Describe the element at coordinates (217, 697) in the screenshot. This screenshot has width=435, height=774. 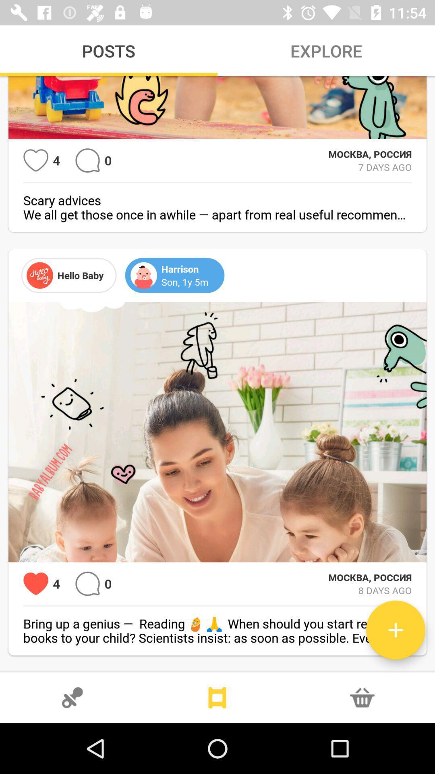
I see `slides` at that location.